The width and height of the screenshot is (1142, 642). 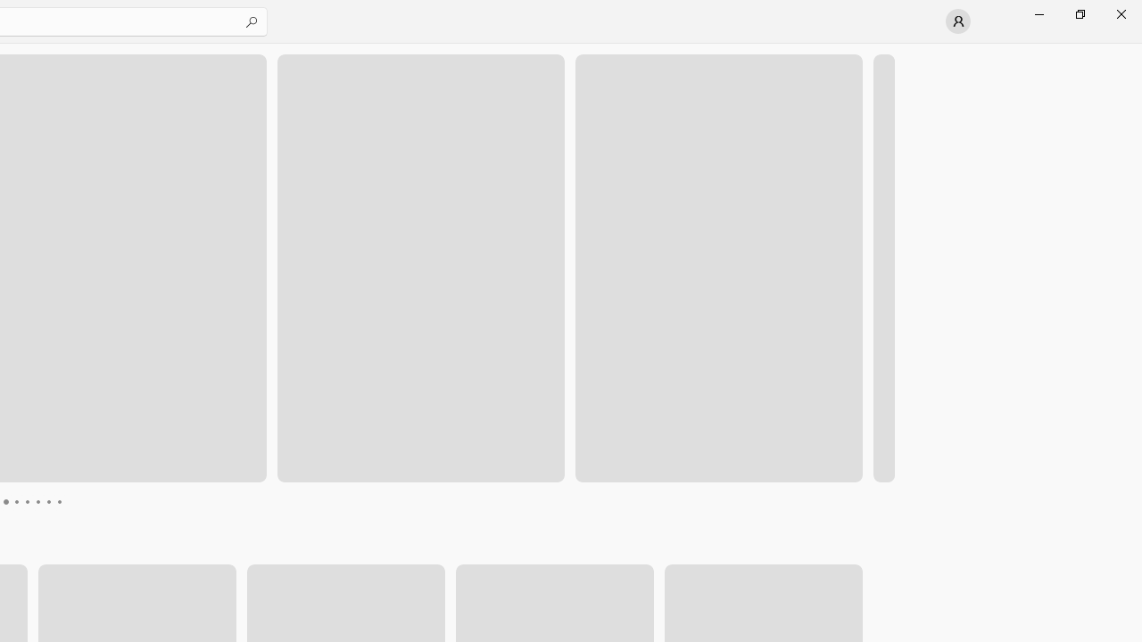 What do you see at coordinates (15, 502) in the screenshot?
I see `'Page 4'` at bounding box center [15, 502].